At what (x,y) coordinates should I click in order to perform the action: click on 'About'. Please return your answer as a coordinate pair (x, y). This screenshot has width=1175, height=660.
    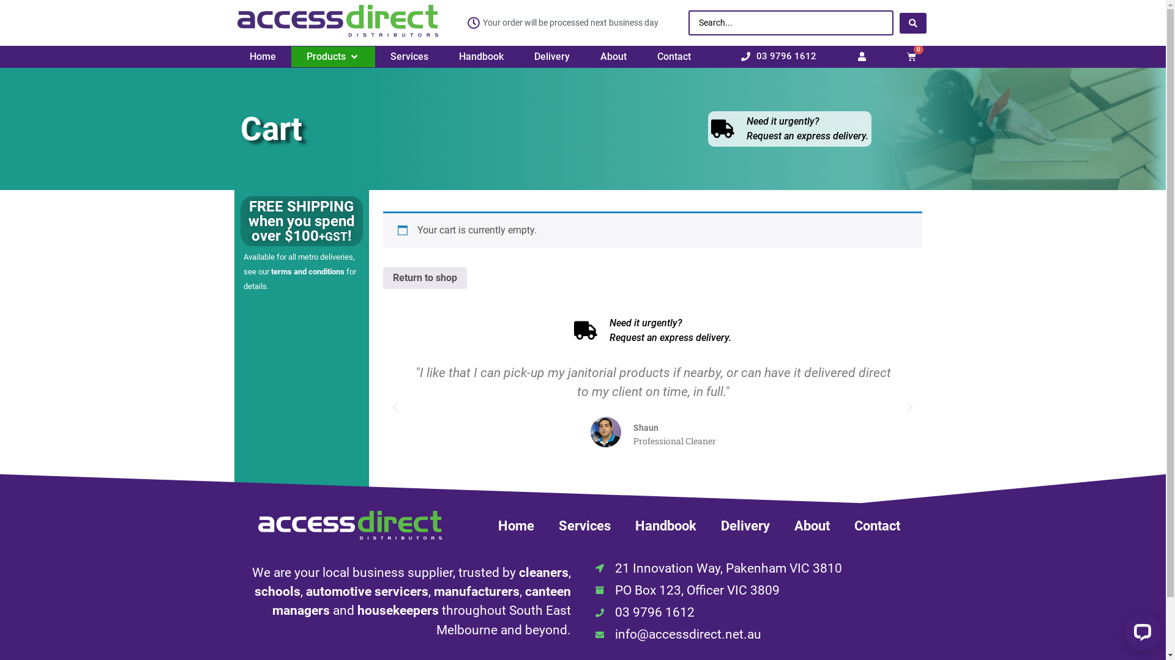
    Looking at the image, I should click on (613, 56).